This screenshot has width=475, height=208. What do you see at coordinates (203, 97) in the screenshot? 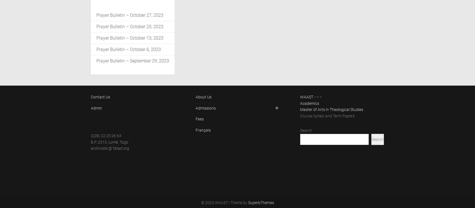
I see `'About Us'` at bounding box center [203, 97].